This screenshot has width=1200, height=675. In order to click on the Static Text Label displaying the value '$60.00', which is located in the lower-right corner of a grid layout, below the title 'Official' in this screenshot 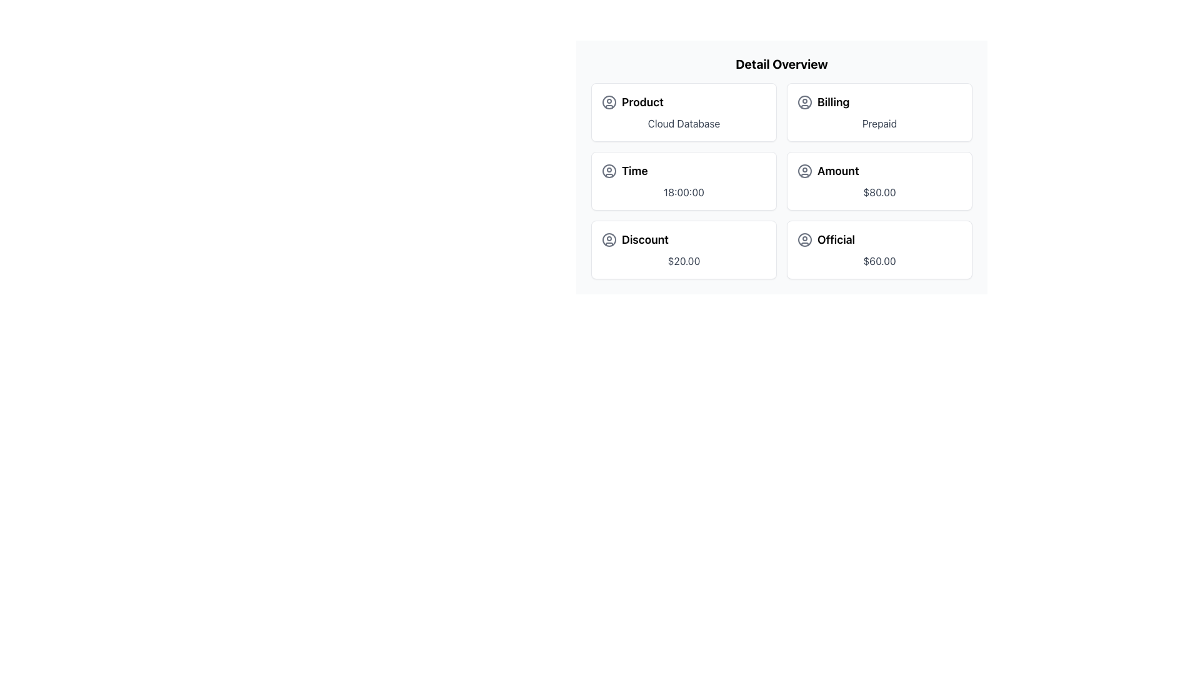, I will do `click(879, 260)`.